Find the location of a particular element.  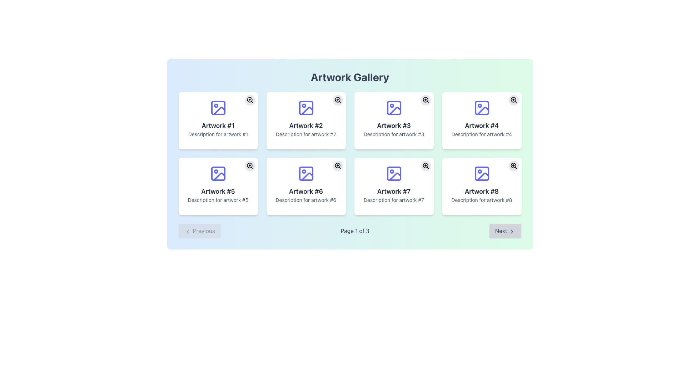

the graphic/icon representing the artwork entry for 'Artwork #2', which is prominently located at the top center of the card is located at coordinates (306, 108).